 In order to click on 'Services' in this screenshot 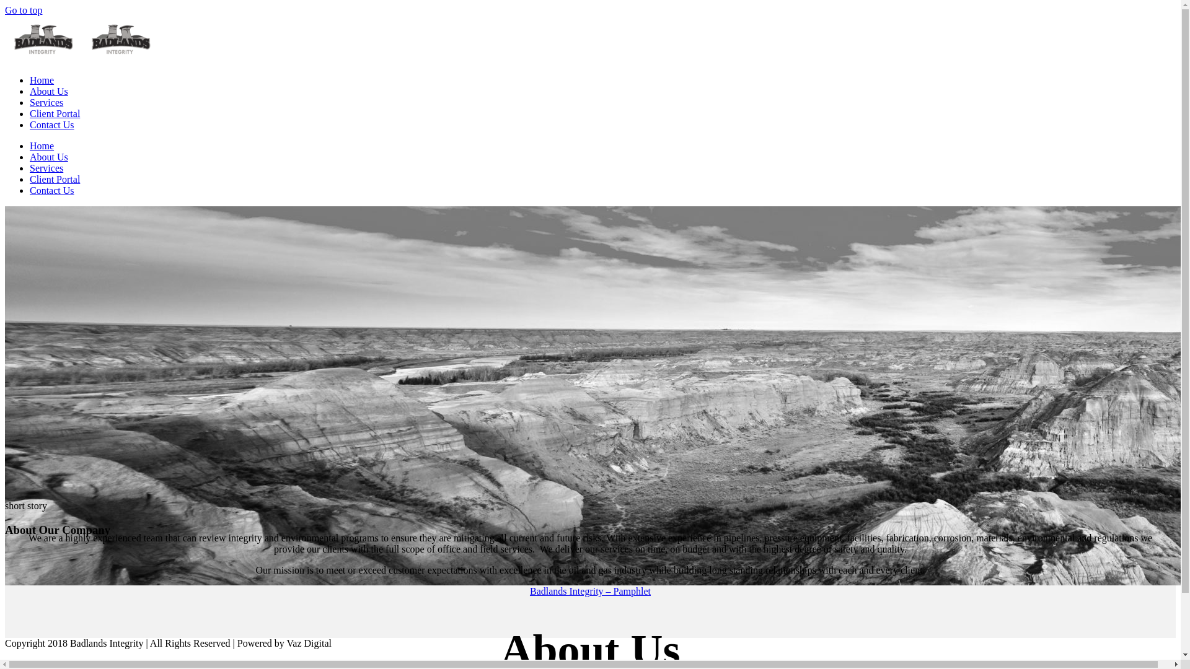, I will do `click(46, 102)`.